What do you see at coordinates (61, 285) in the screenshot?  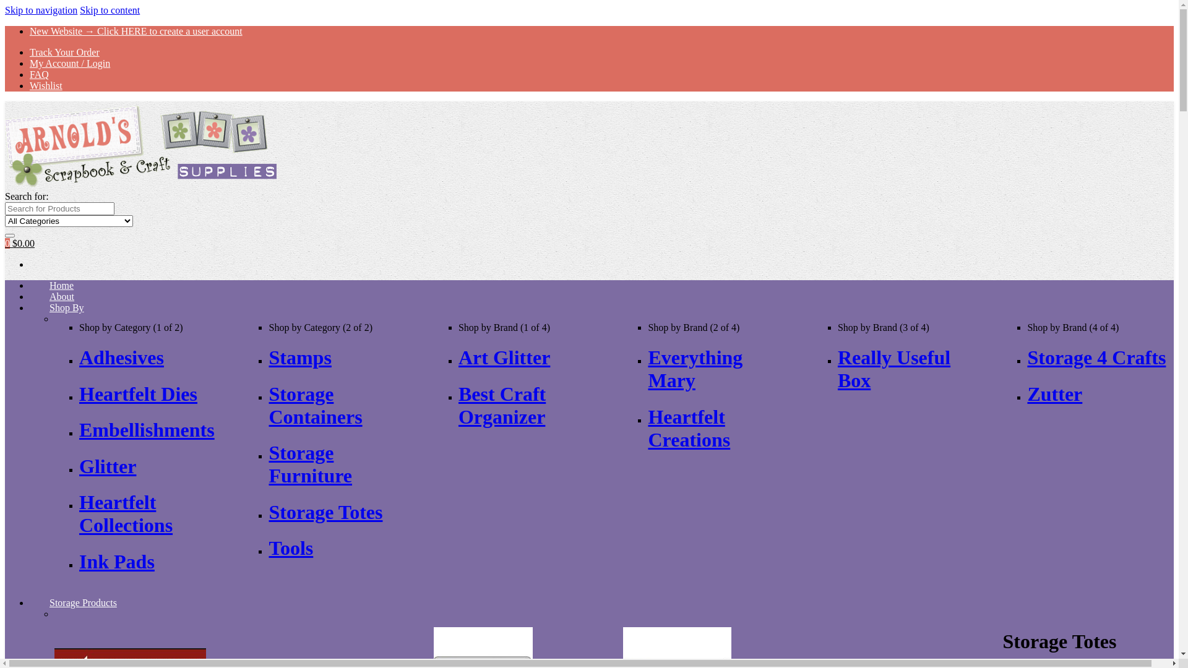 I see `'Home'` at bounding box center [61, 285].